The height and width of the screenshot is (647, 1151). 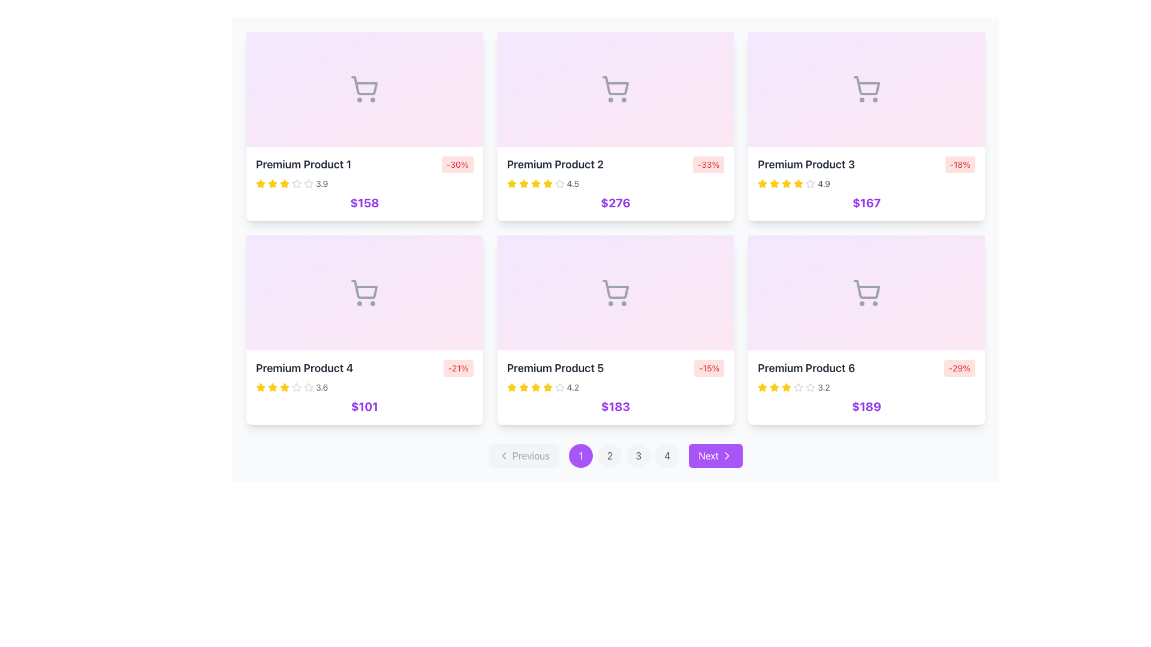 I want to click on the icon inside the 'Next' button located at the bottom-right corner of the pagination controls, so click(x=727, y=455).